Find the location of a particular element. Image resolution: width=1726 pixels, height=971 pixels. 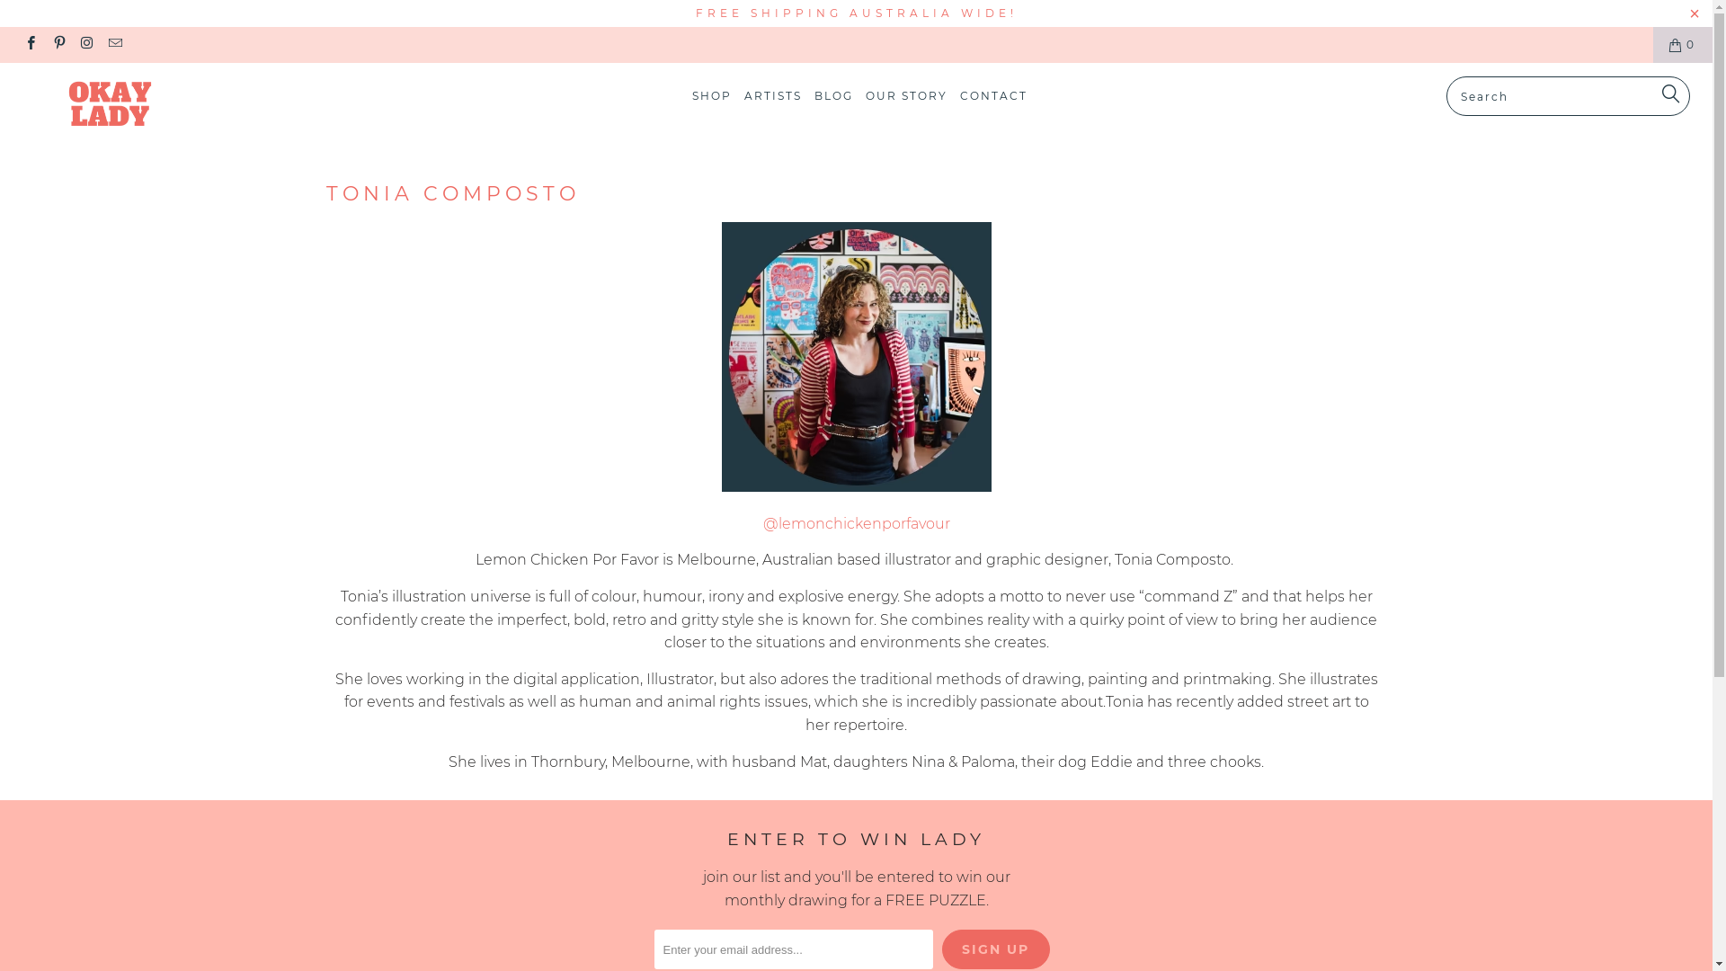

'Sign Up' is located at coordinates (995, 949).